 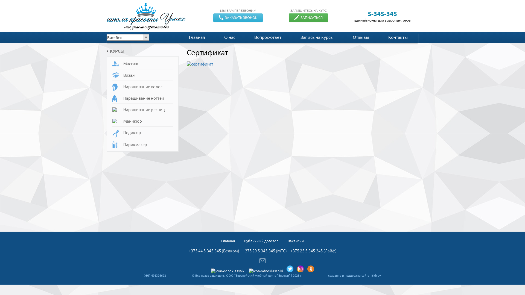 What do you see at coordinates (382, 13) in the screenshot?
I see `'5-345-345'` at bounding box center [382, 13].